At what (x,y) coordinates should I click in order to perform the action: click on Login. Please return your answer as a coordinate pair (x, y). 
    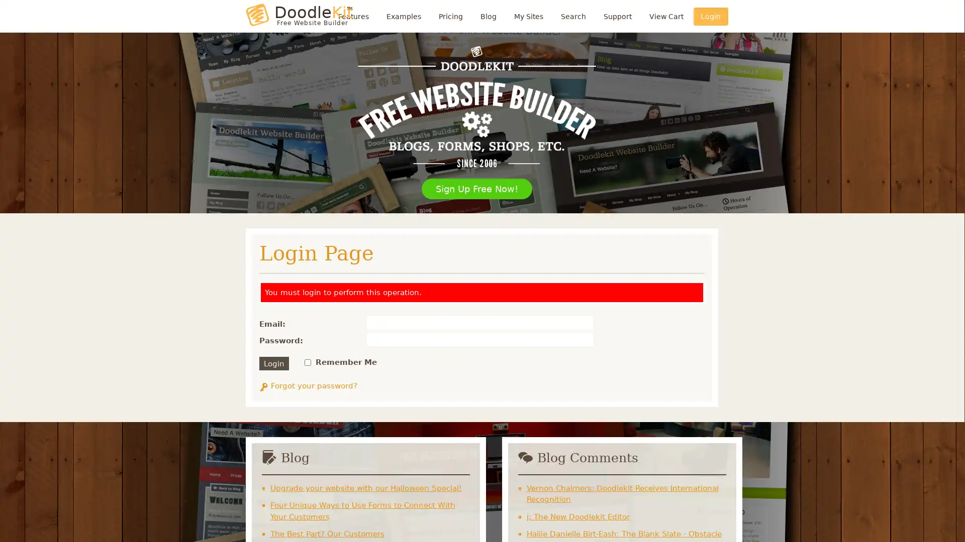
    Looking at the image, I should click on (274, 363).